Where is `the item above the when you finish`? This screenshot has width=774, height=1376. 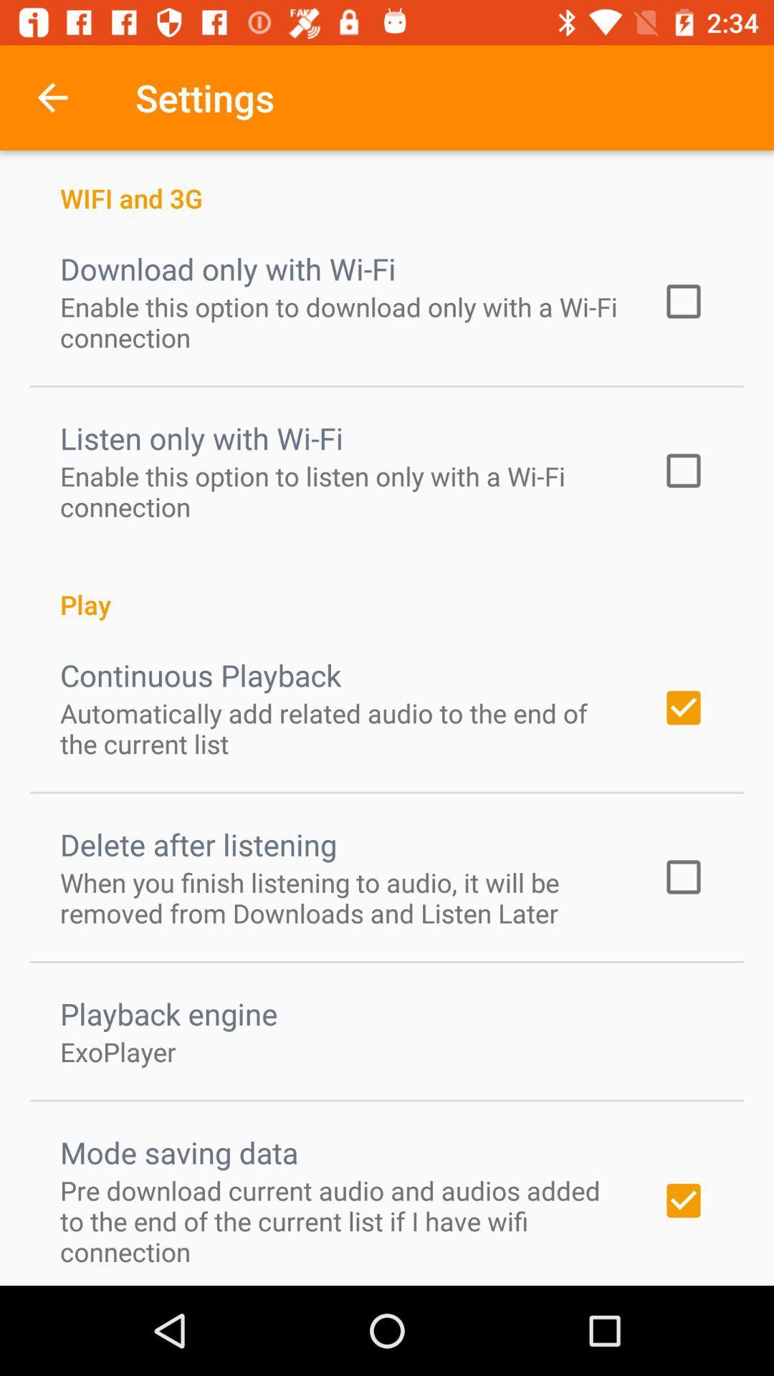 the item above the when you finish is located at coordinates (199, 844).